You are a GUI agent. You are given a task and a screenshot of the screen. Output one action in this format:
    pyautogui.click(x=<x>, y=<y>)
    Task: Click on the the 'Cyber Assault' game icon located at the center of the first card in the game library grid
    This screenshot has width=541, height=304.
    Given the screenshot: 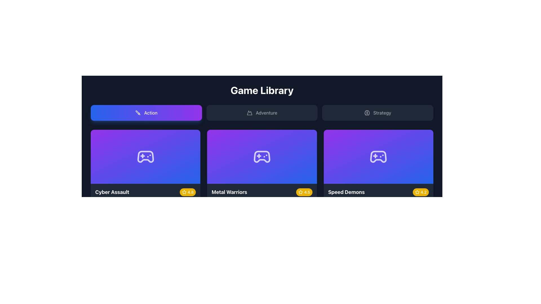 What is the action you would take?
    pyautogui.click(x=145, y=157)
    